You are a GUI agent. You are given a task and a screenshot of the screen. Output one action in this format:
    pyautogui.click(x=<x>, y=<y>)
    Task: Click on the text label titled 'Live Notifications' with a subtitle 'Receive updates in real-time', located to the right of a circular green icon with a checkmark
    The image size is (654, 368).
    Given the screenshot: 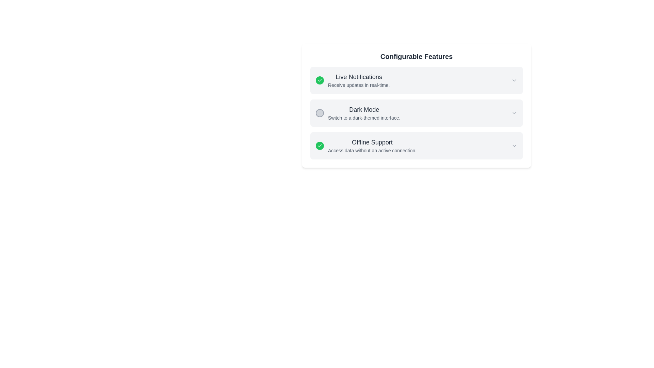 What is the action you would take?
    pyautogui.click(x=358, y=80)
    